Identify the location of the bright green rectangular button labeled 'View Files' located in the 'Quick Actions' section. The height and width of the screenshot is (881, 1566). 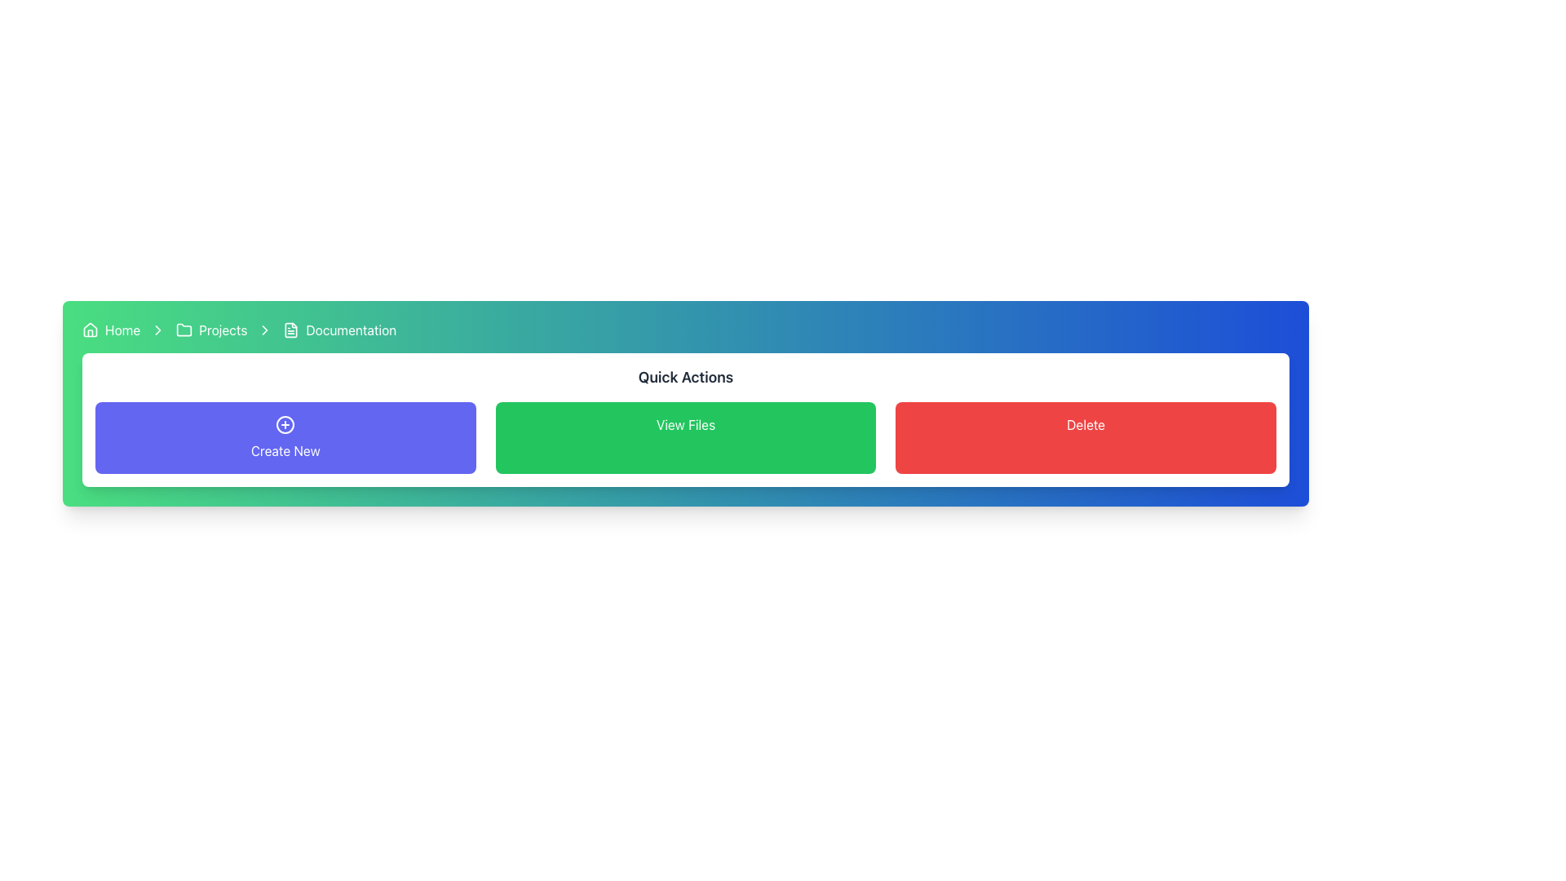
(685, 436).